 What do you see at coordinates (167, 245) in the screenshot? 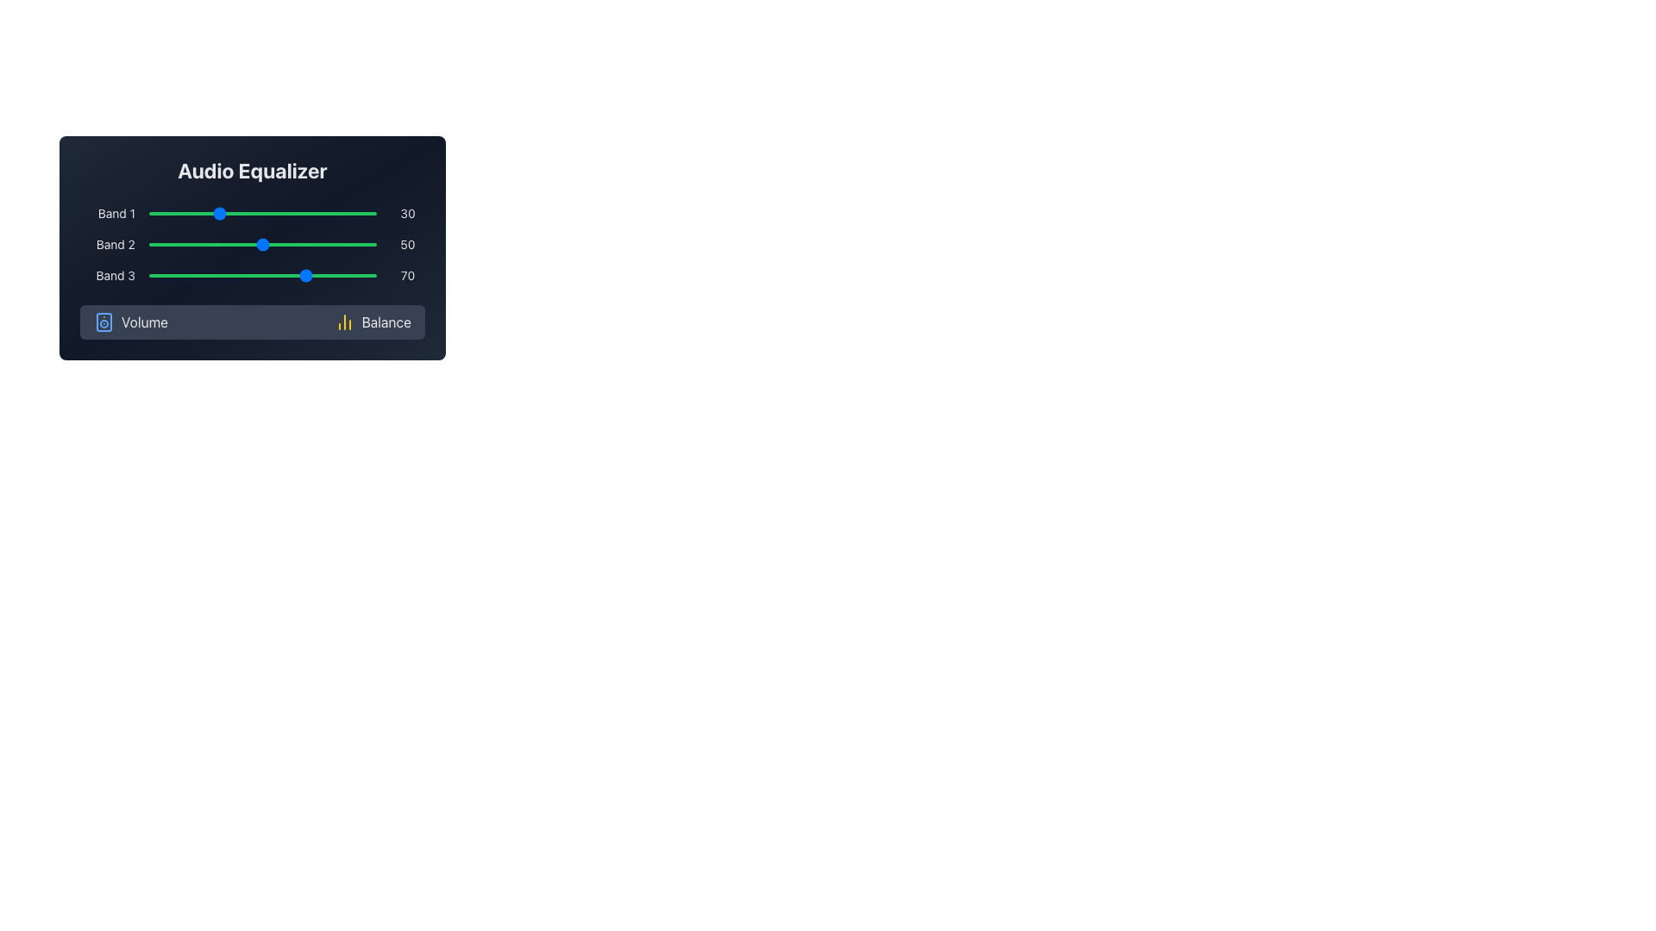
I see `the frequency slider` at bounding box center [167, 245].